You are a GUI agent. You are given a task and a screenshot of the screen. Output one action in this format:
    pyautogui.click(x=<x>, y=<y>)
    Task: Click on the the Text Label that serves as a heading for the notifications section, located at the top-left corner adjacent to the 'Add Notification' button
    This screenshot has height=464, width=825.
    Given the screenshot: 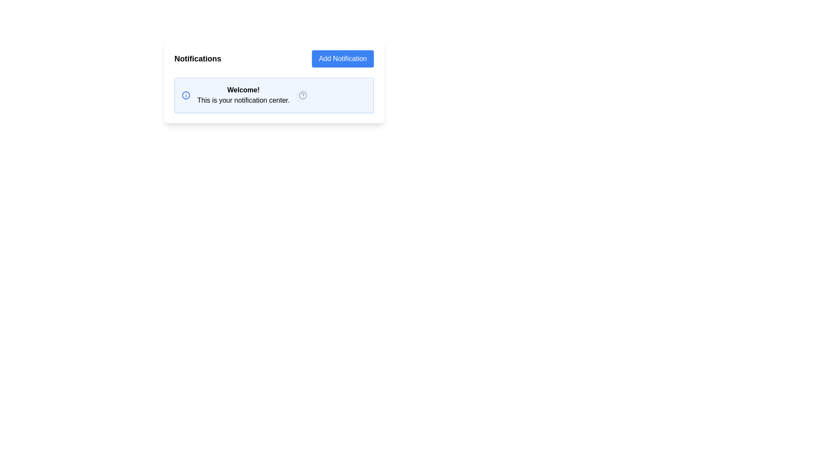 What is the action you would take?
    pyautogui.click(x=197, y=58)
    